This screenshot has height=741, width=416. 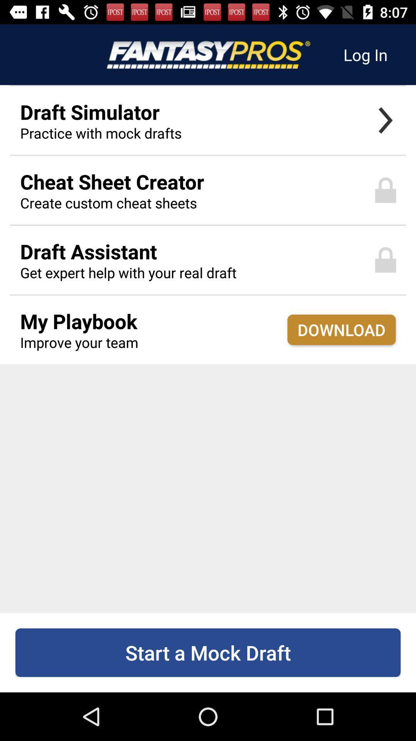 I want to click on the app next to my playbook app, so click(x=341, y=330).